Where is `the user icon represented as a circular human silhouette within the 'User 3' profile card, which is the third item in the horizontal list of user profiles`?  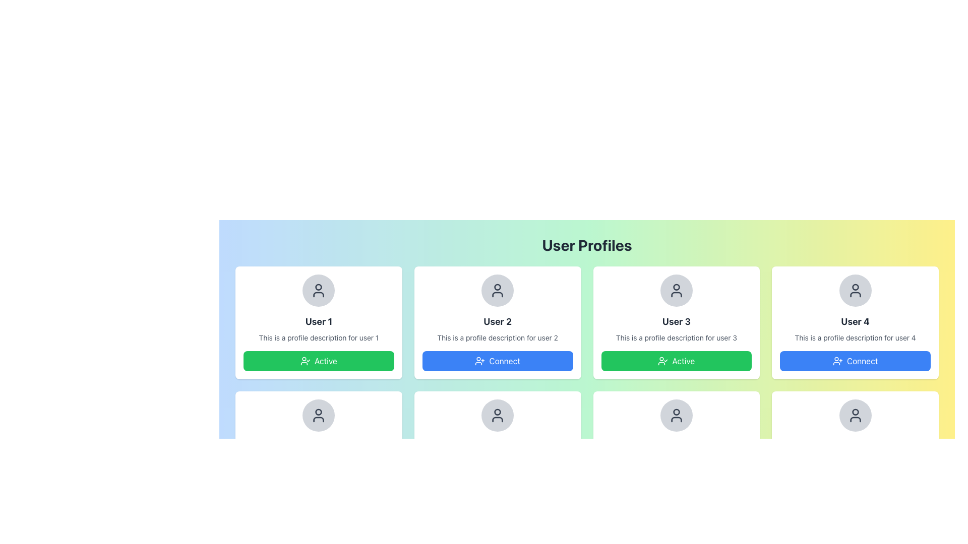 the user icon represented as a circular human silhouette within the 'User 3' profile card, which is the third item in the horizontal list of user profiles is located at coordinates (676, 291).